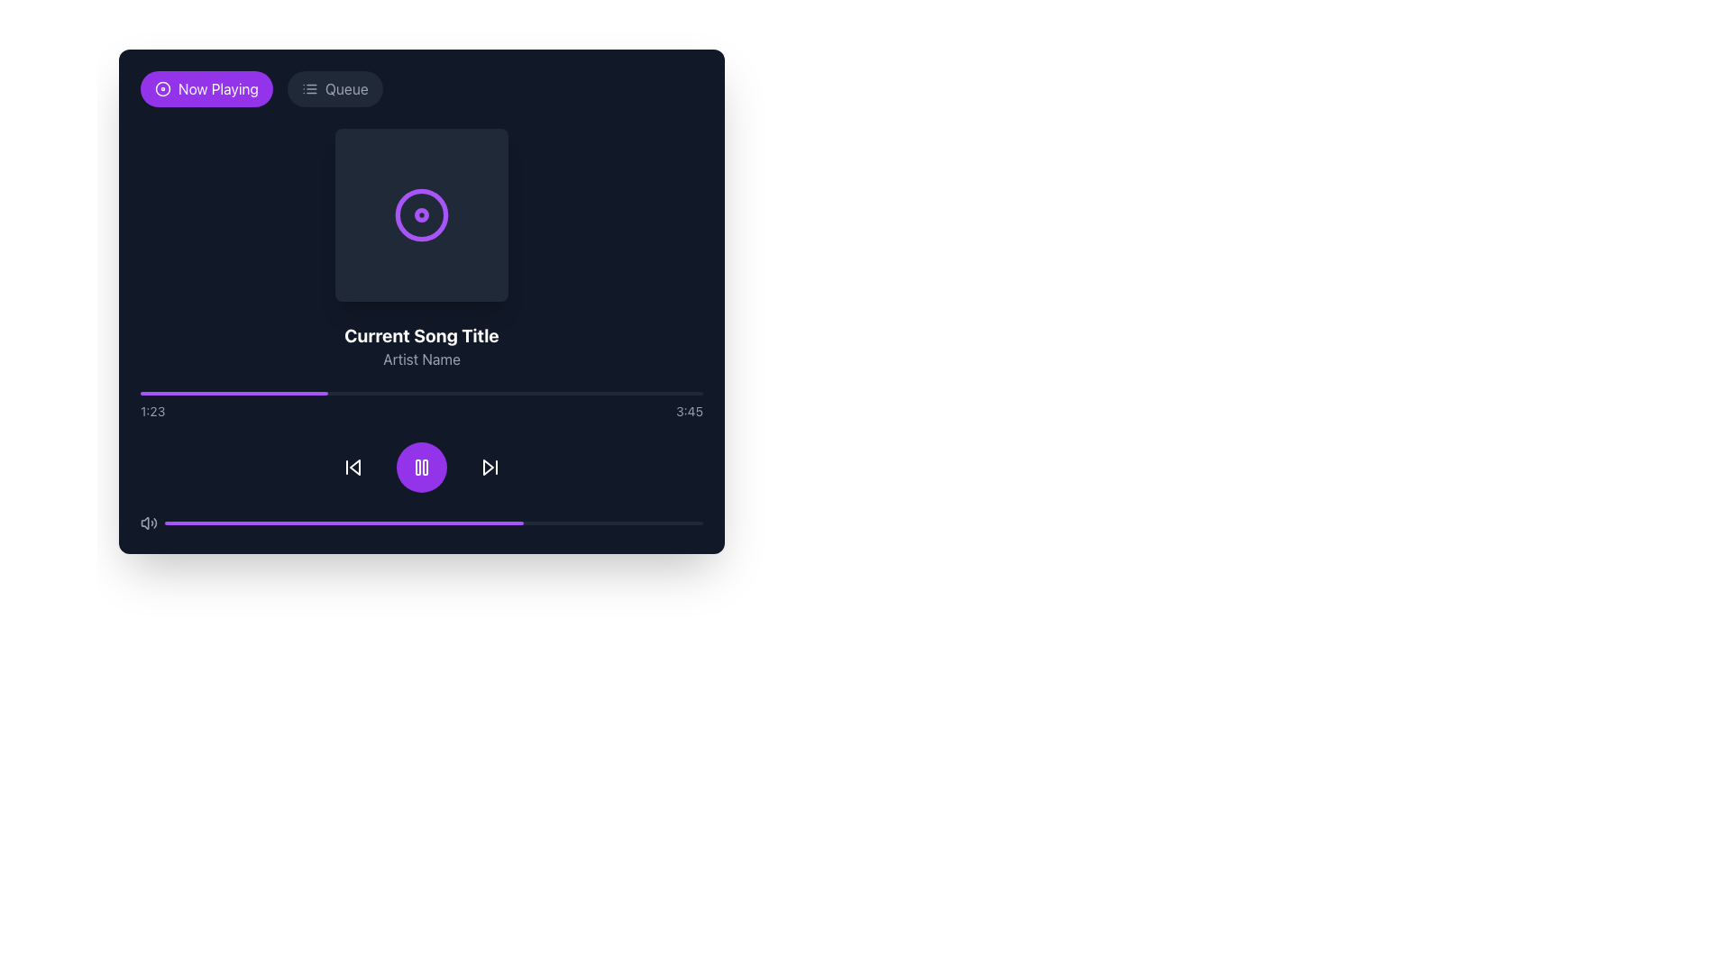  Describe the element at coordinates (489, 467) in the screenshot. I see `the triangular arrow icon located at the bottom center of the interface` at that location.